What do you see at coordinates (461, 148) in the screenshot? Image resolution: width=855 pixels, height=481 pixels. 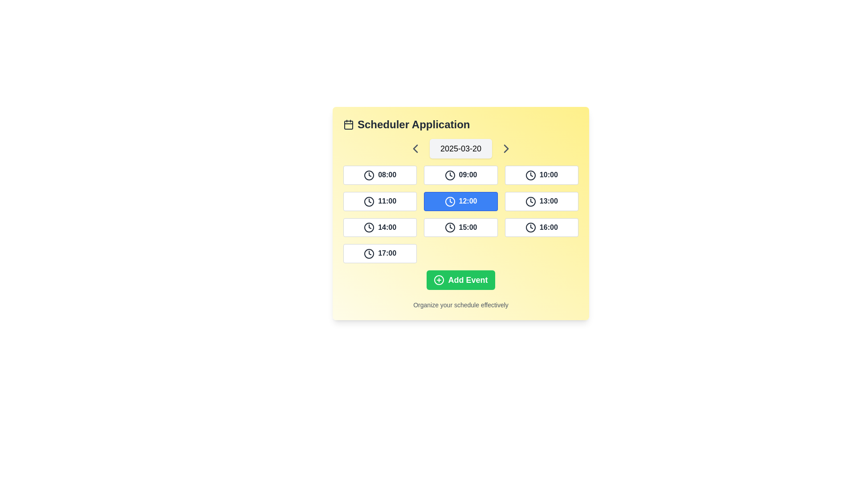 I see `the date display area showing '2025-03-20' for potential interactions, located at the center top of the yellow 'Scheduler Application' panel` at bounding box center [461, 148].